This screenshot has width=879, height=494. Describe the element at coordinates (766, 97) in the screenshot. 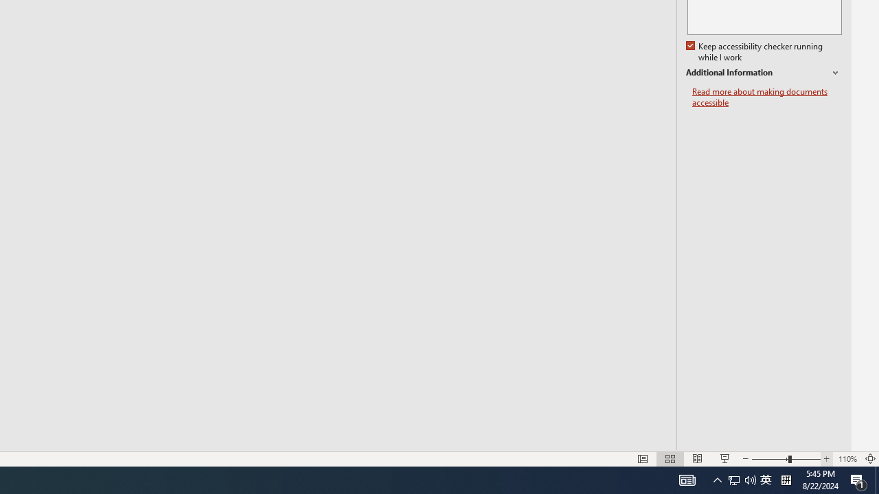

I see `'Read more about making documents accessible'` at that location.